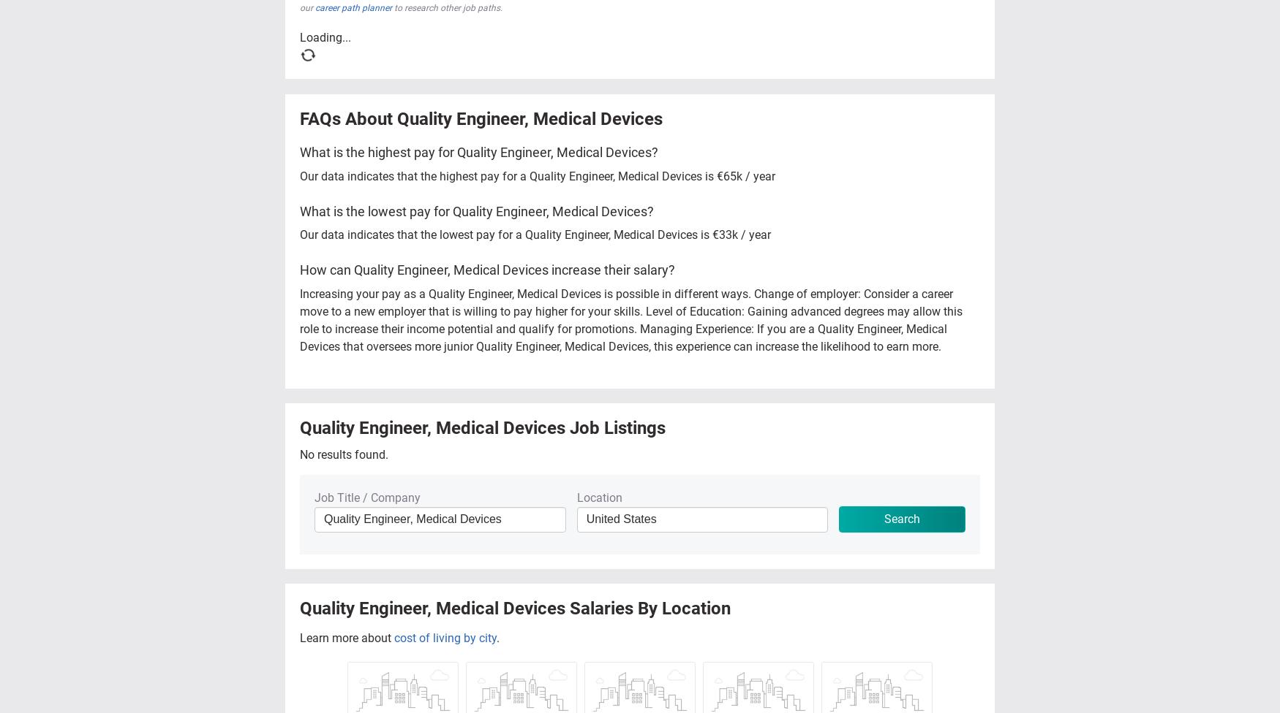 This screenshot has width=1280, height=713. What do you see at coordinates (599, 496) in the screenshot?
I see `'Location'` at bounding box center [599, 496].